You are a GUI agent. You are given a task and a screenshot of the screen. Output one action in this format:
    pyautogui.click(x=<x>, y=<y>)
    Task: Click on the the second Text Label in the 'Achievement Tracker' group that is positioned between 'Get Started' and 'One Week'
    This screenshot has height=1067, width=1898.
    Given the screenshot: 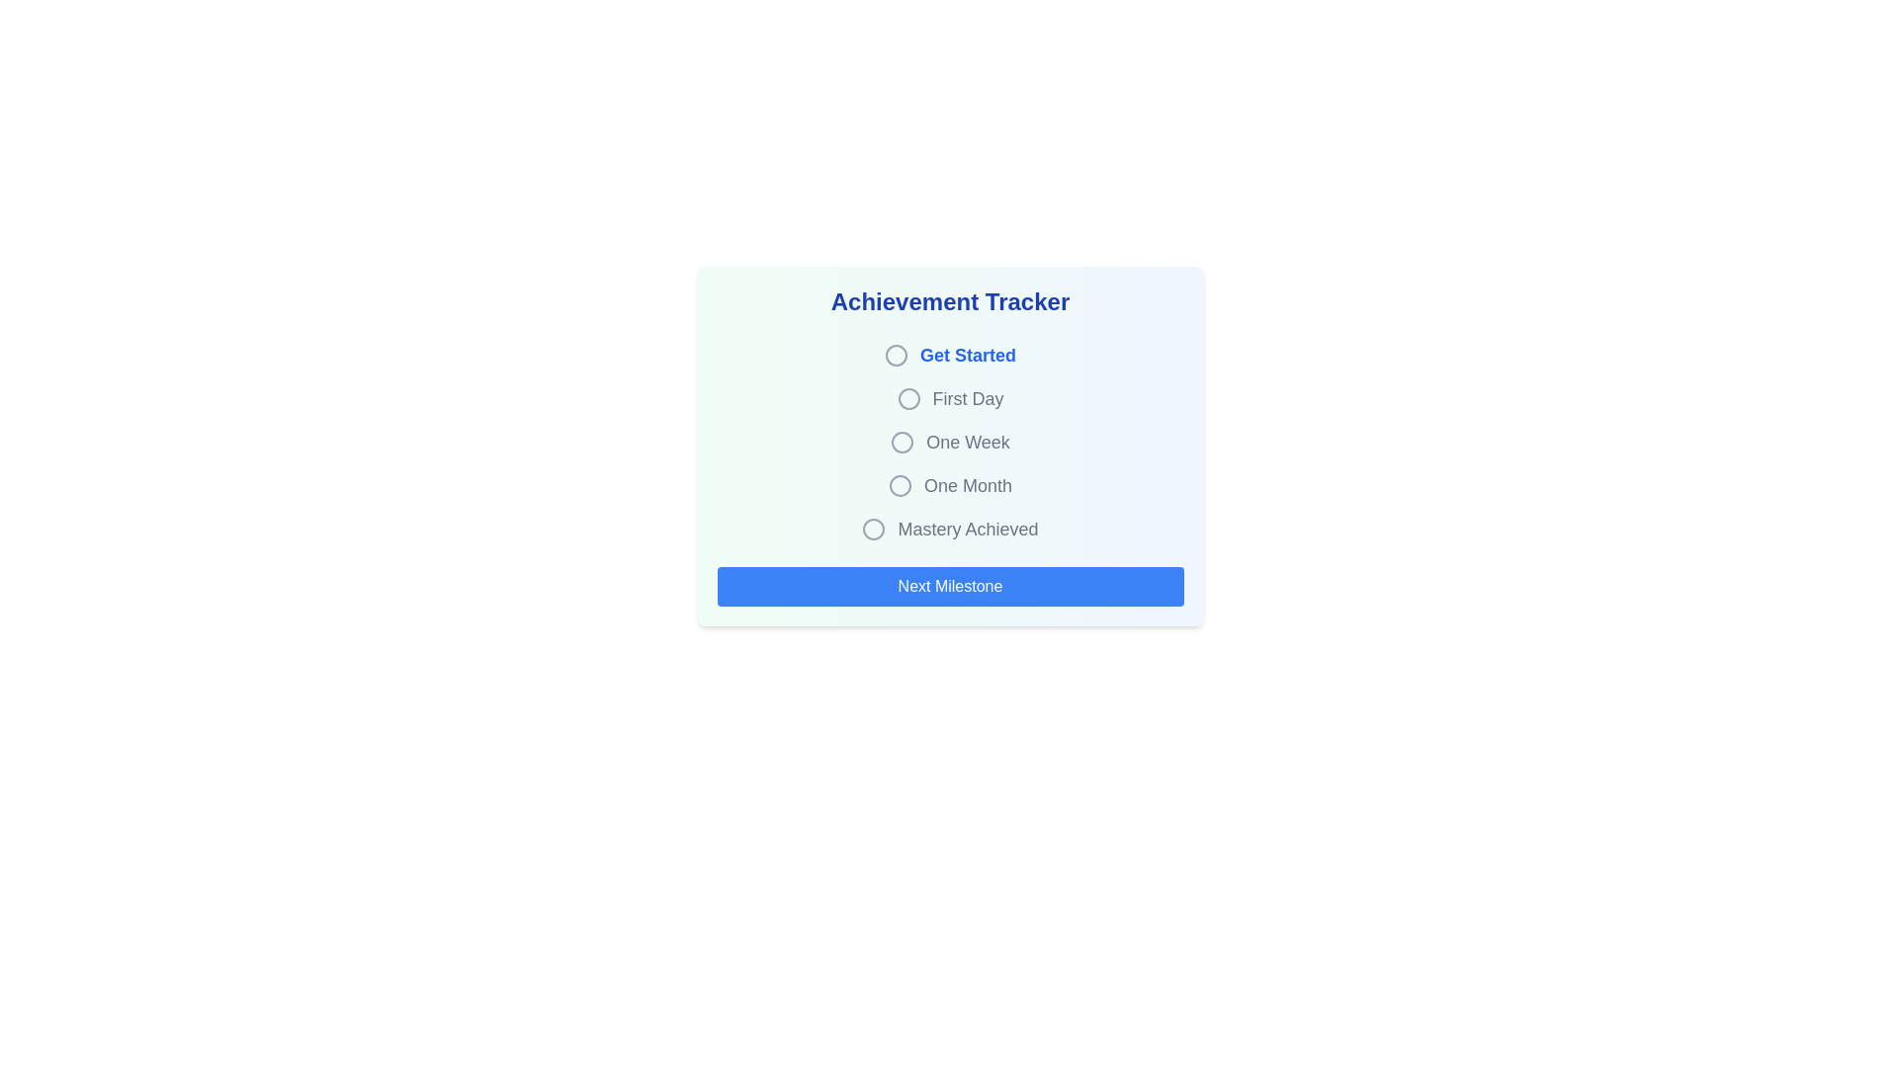 What is the action you would take?
    pyautogui.click(x=968, y=399)
    